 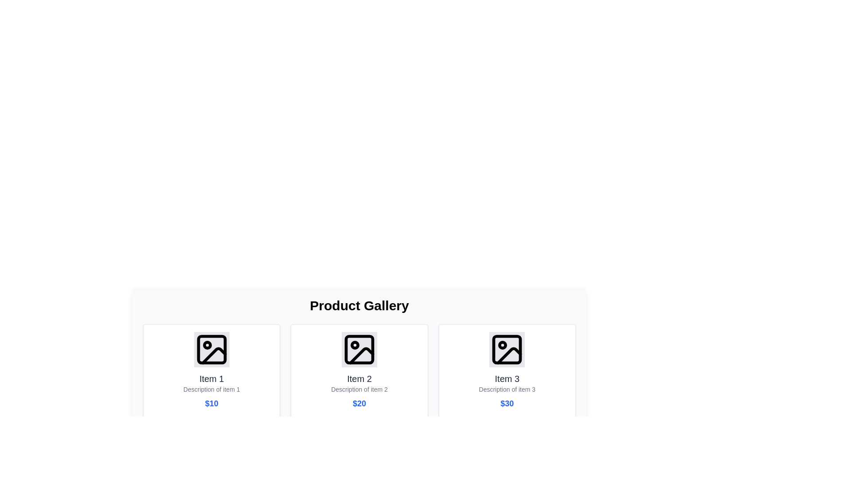 What do you see at coordinates (507, 403) in the screenshot?
I see `the text label displaying the price '$30' in a bold, large blue font located in the third product card under 'Item 3', below the item's description text` at bounding box center [507, 403].